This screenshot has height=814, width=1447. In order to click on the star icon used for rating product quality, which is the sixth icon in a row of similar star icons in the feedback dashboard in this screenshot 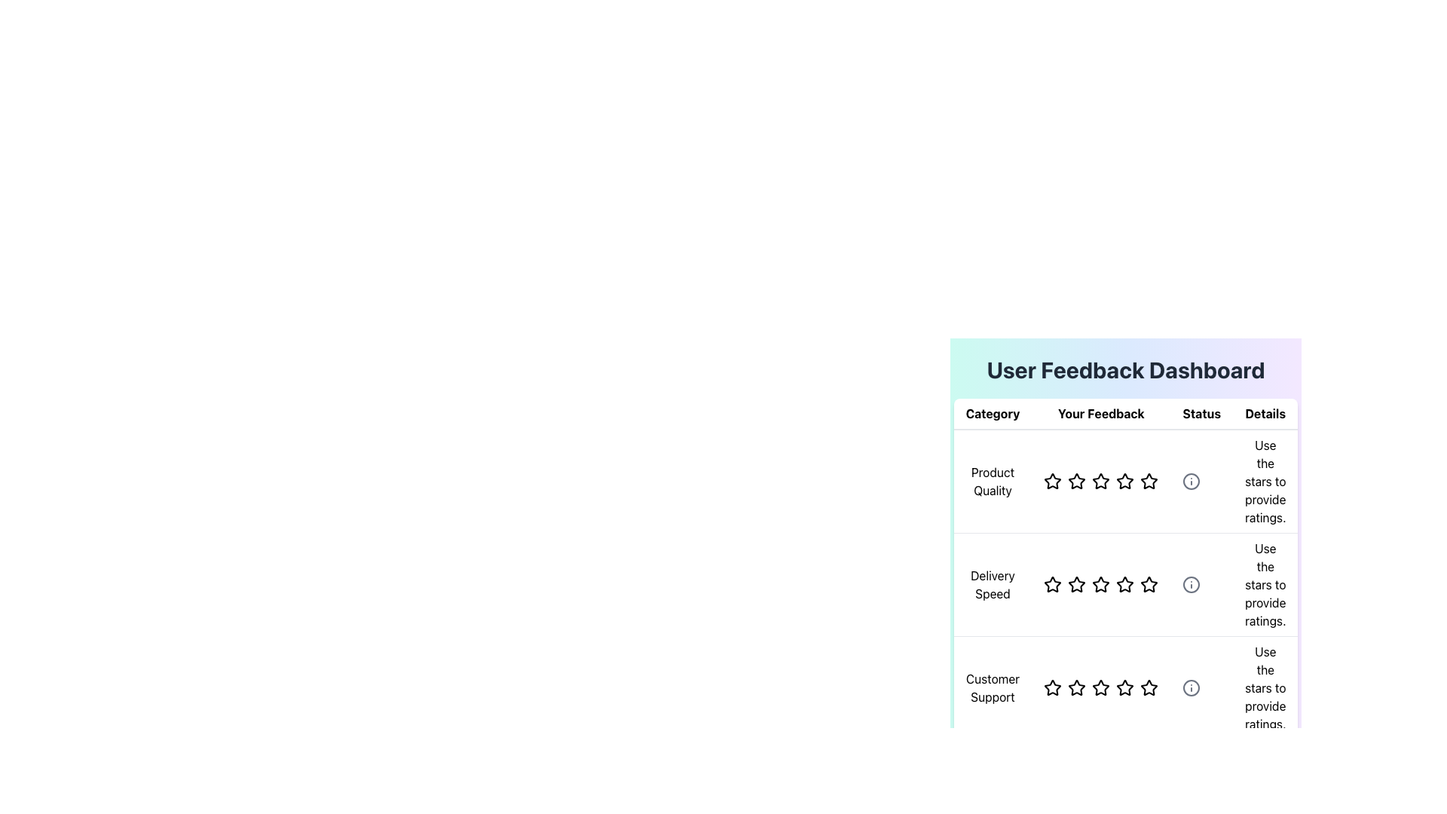, I will do `click(1149, 482)`.